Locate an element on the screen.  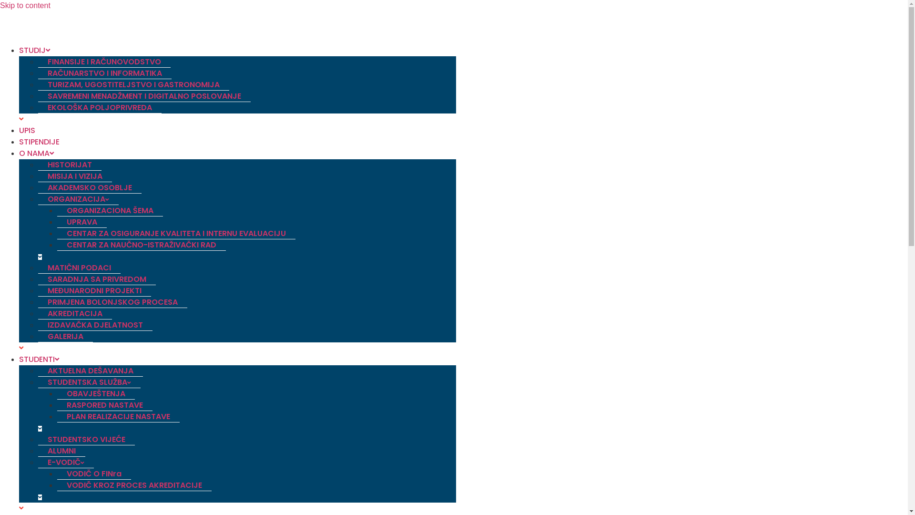
'UPIS' is located at coordinates (27, 130).